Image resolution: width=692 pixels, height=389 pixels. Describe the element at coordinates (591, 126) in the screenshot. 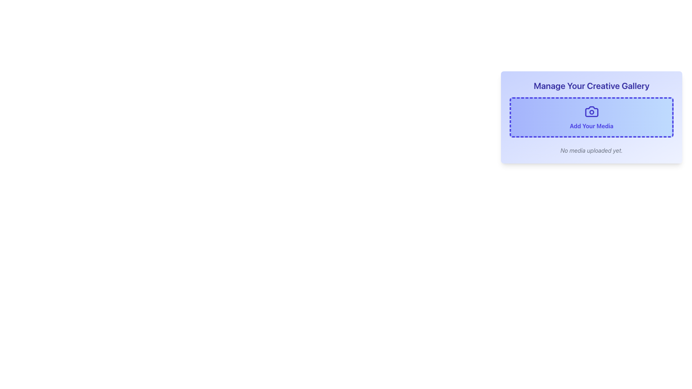

I see `the 'Add Your Media' text label which prompts the user for media upload, located below the camera icon in the right-center of the interface` at that location.